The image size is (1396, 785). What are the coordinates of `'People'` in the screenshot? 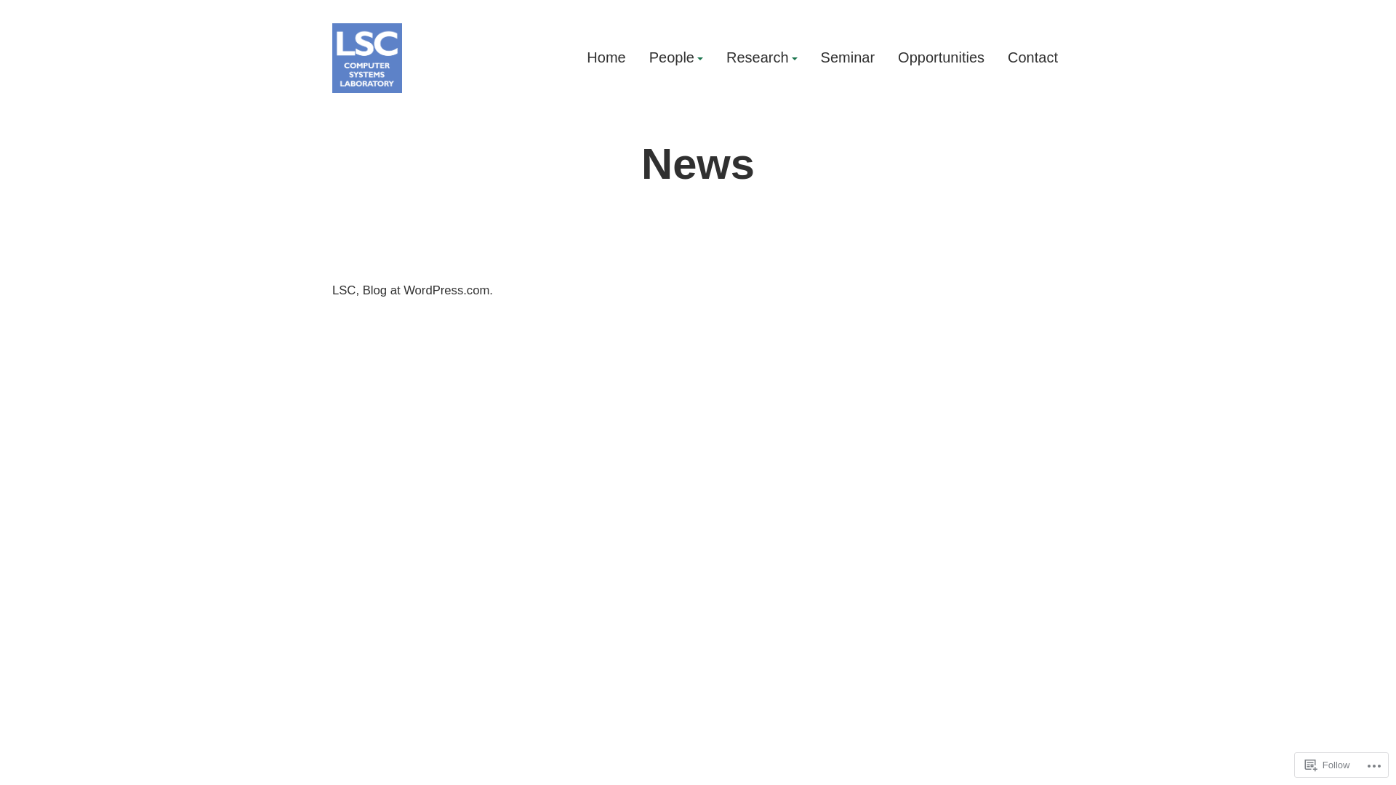 It's located at (648, 57).